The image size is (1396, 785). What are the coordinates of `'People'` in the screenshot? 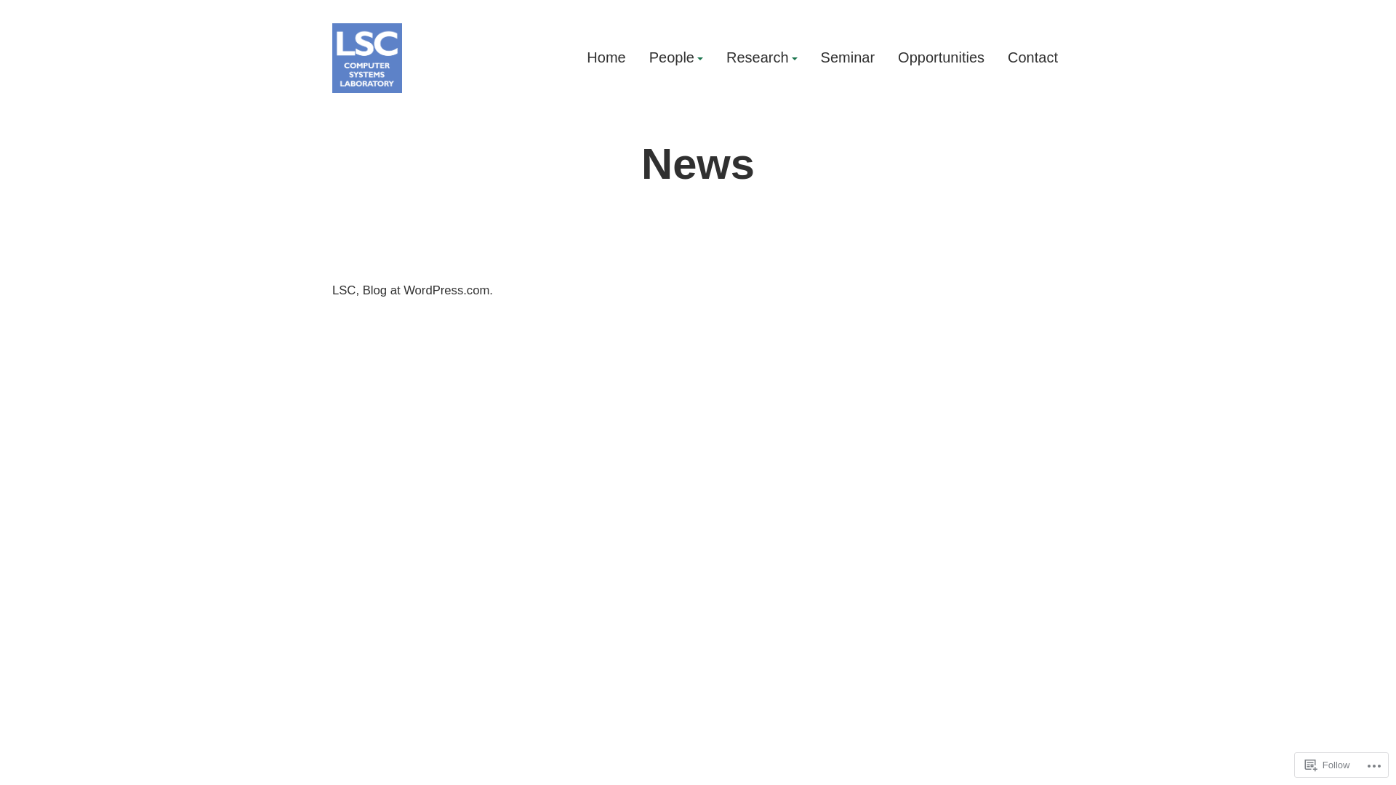 It's located at (648, 57).